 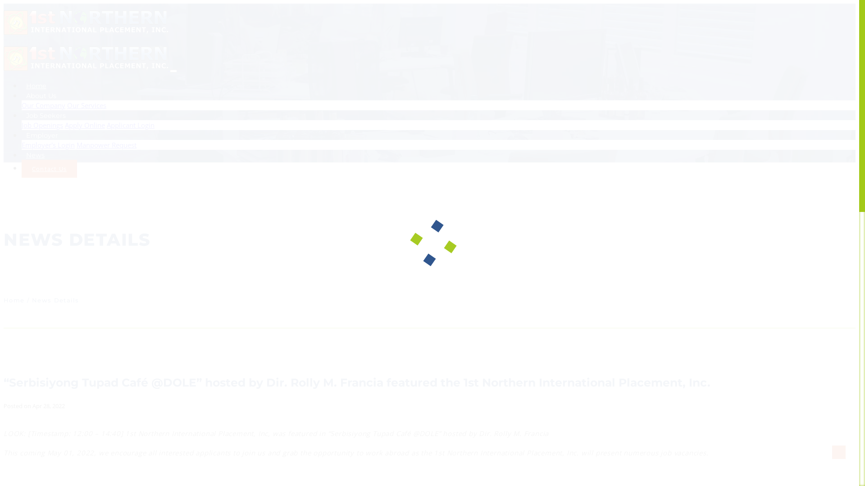 I want to click on 'Apply Online', so click(x=85, y=125).